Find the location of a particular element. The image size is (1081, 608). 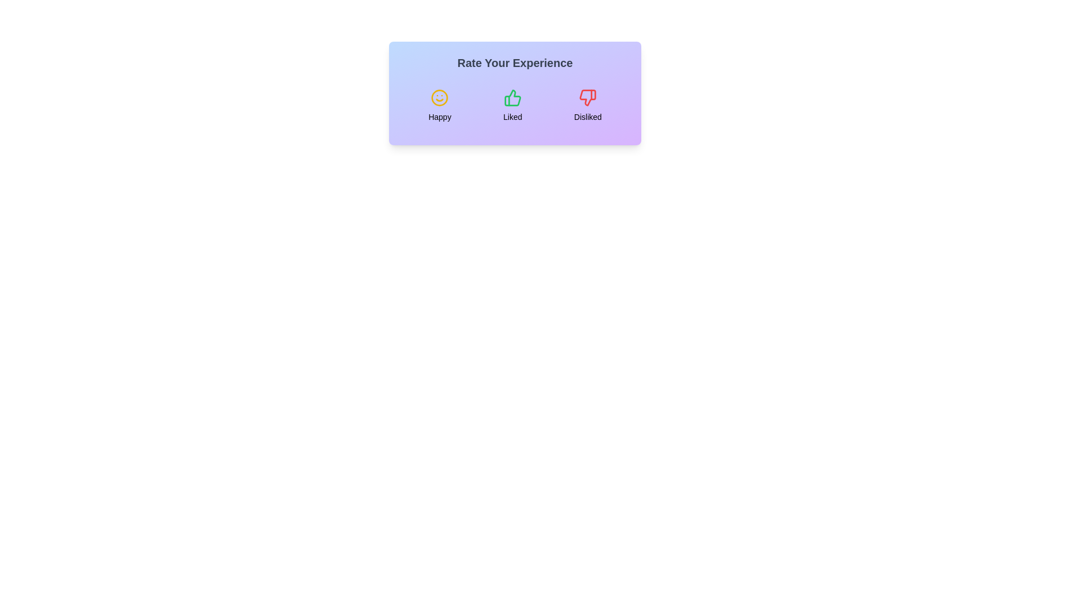

the SVG icon indicating a positive response or approval, located in the middle of three icons labeled 'Happy,' 'Liked,' and 'Disliked.' is located at coordinates (512, 97).